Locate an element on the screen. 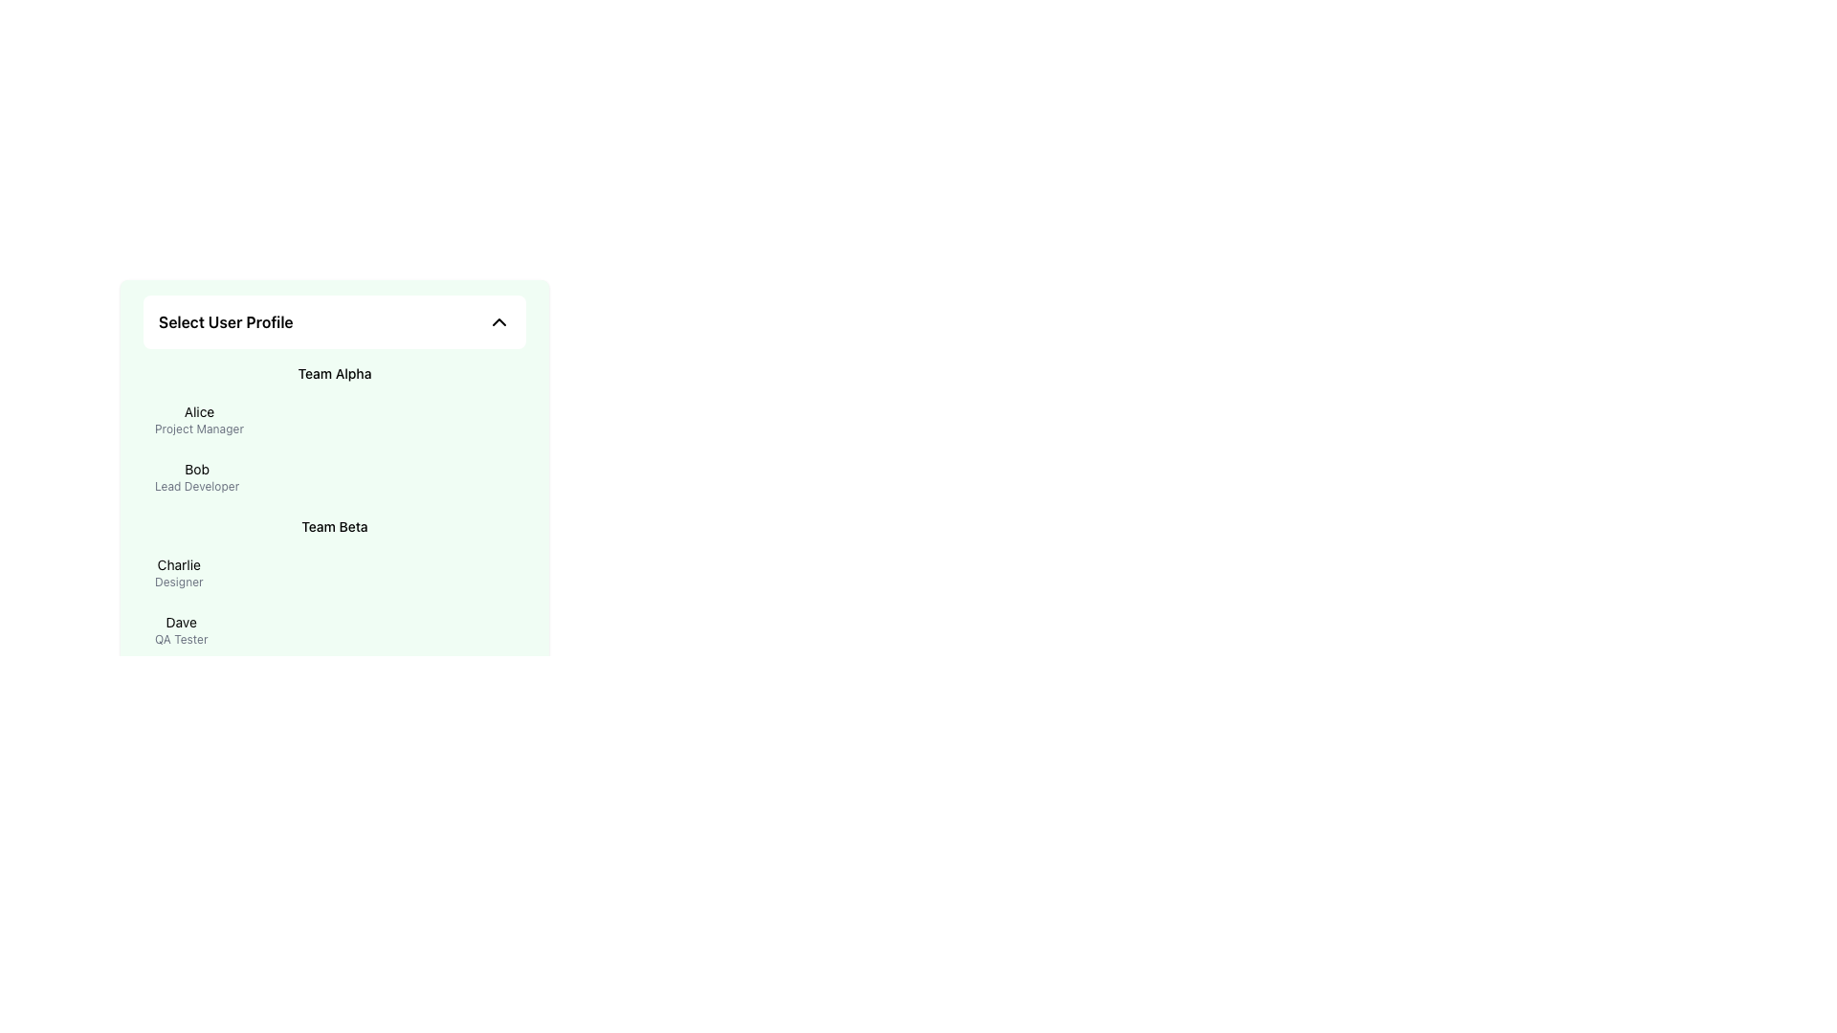 The height and width of the screenshot is (1033, 1837). the upward-pointing triangular chevron icon located at the far right of the 'Select User Profile' section header is located at coordinates (499, 320).